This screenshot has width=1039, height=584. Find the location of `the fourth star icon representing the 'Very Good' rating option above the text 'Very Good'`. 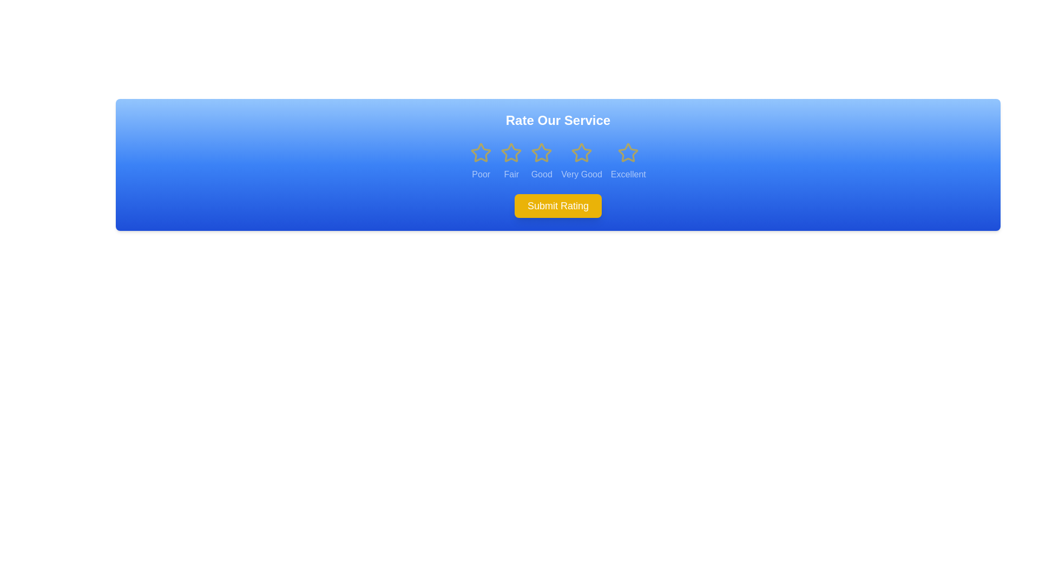

the fourth star icon representing the 'Very Good' rating option above the text 'Very Good' is located at coordinates (581, 152).